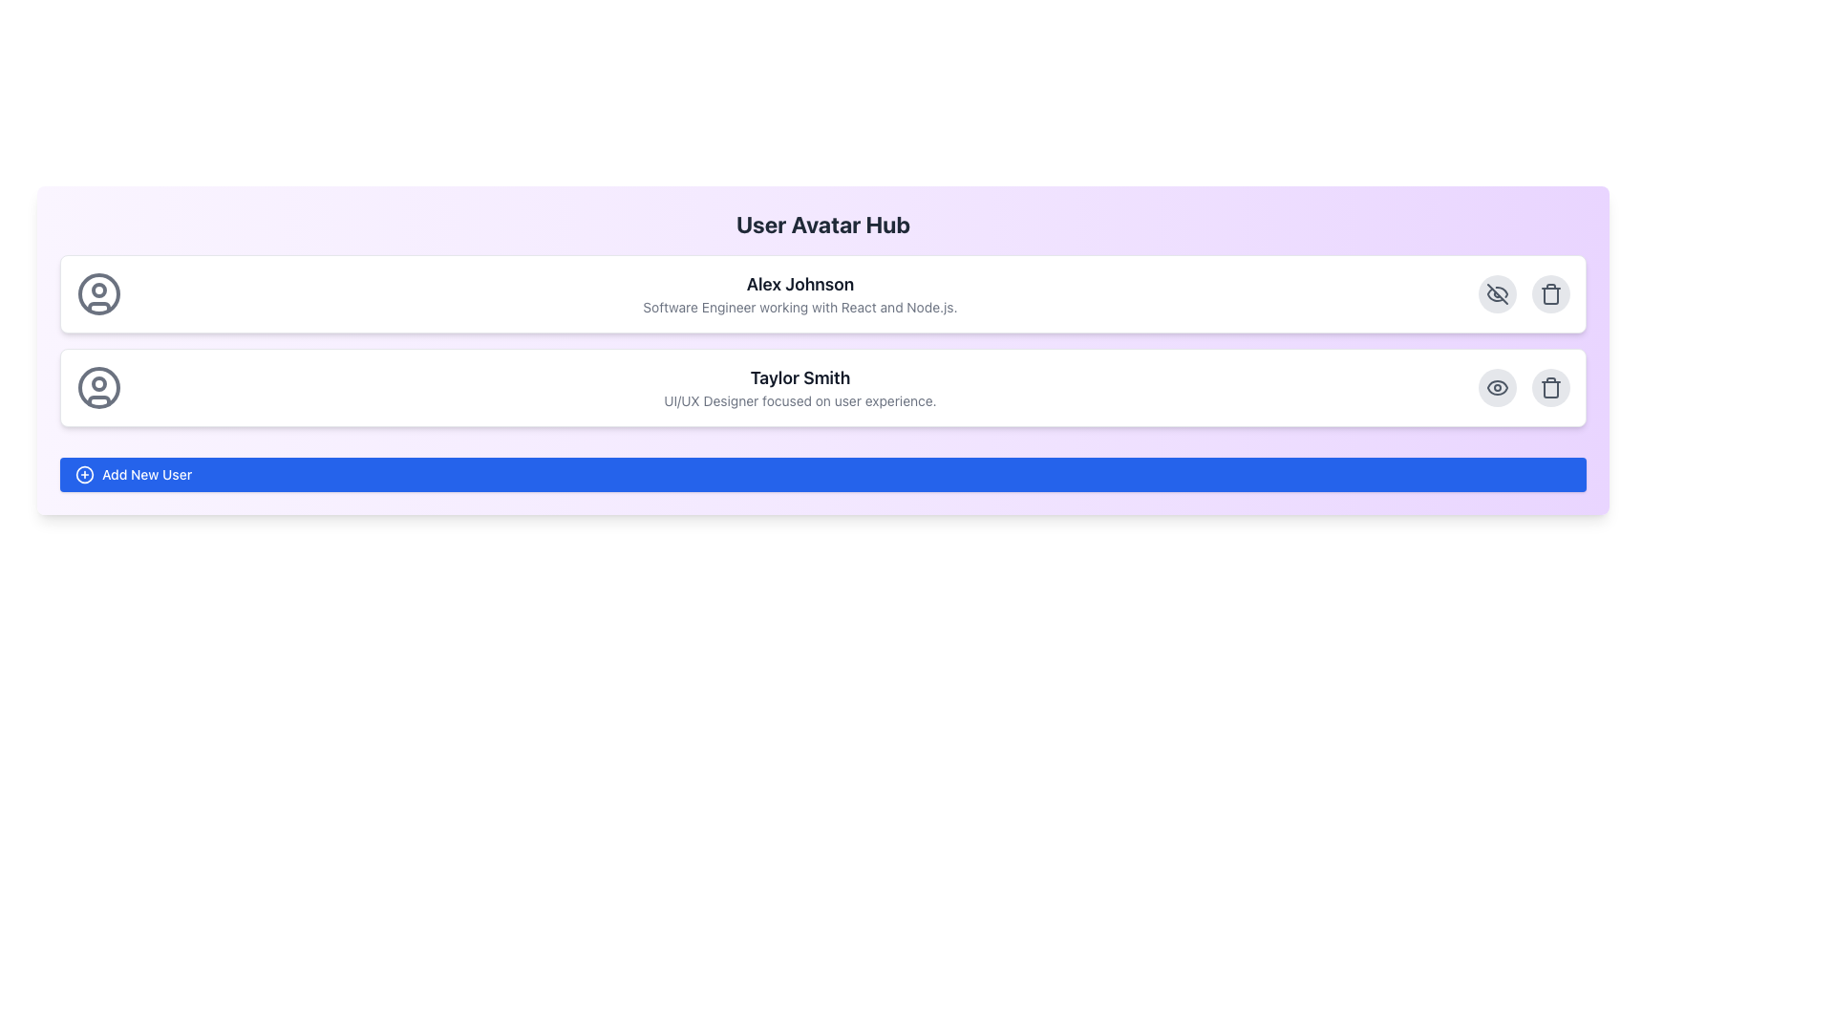  What do you see at coordinates (800, 387) in the screenshot?
I see `the Text Display Section which presents the name and title of a user, located in a white rounded rectangle with other elements nearby` at bounding box center [800, 387].